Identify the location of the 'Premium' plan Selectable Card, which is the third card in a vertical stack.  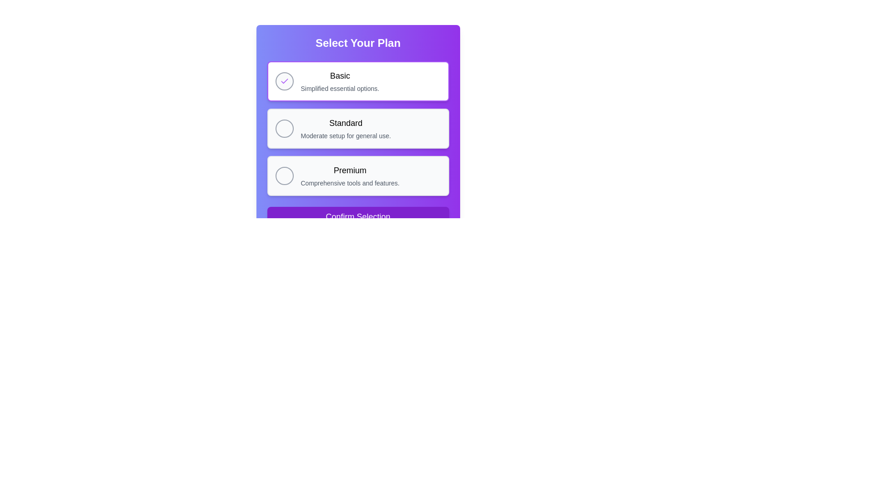
(357, 175).